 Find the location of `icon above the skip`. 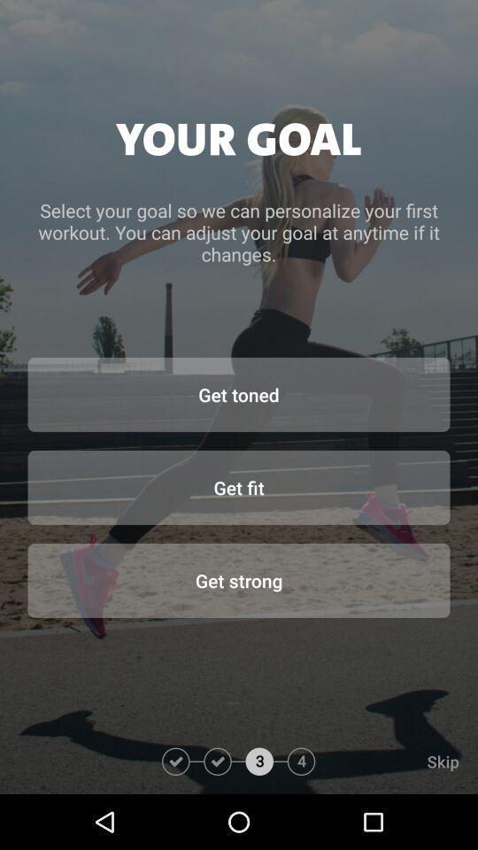

icon above the skip is located at coordinates (239, 579).